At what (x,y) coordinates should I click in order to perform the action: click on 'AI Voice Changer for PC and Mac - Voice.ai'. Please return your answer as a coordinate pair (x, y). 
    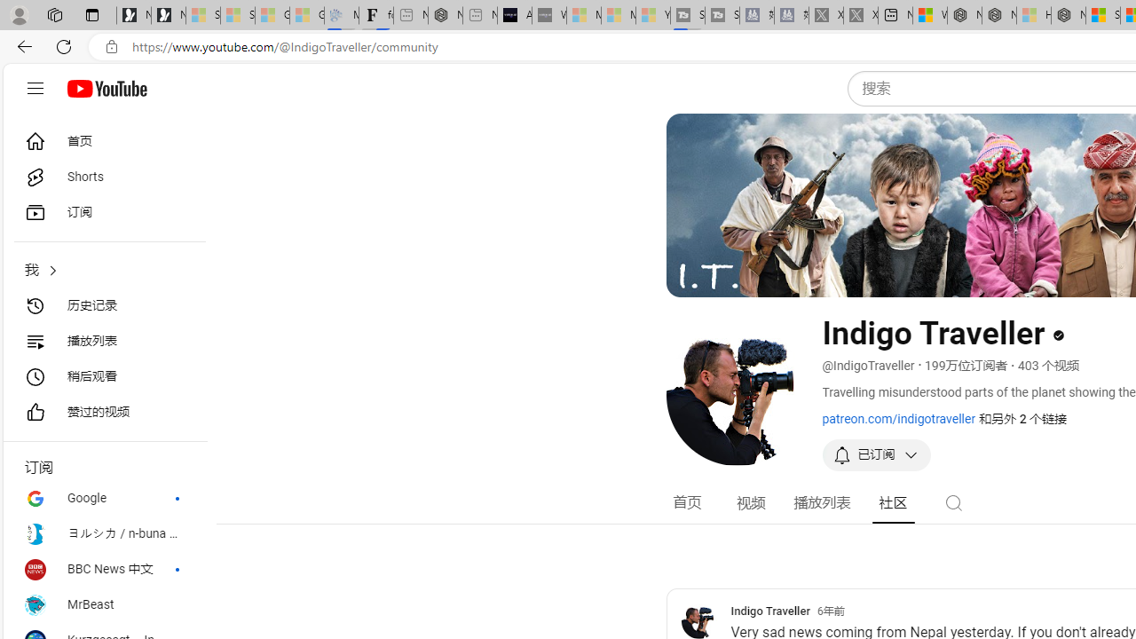
    Looking at the image, I should click on (513, 15).